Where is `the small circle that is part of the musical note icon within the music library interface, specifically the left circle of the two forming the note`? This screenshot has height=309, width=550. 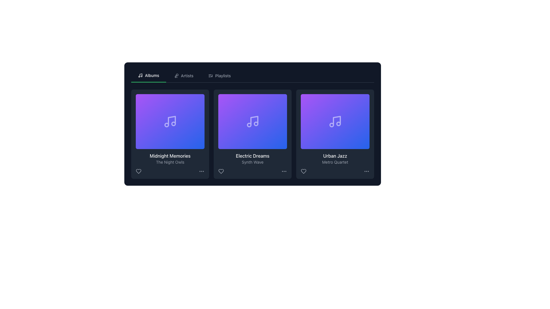 the small circle that is part of the musical note icon within the music library interface, specifically the left circle of the two forming the note is located at coordinates (249, 124).